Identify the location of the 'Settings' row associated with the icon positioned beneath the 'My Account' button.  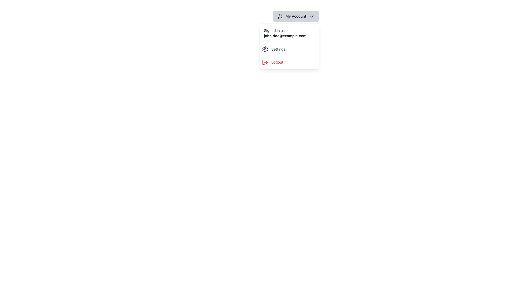
(265, 49).